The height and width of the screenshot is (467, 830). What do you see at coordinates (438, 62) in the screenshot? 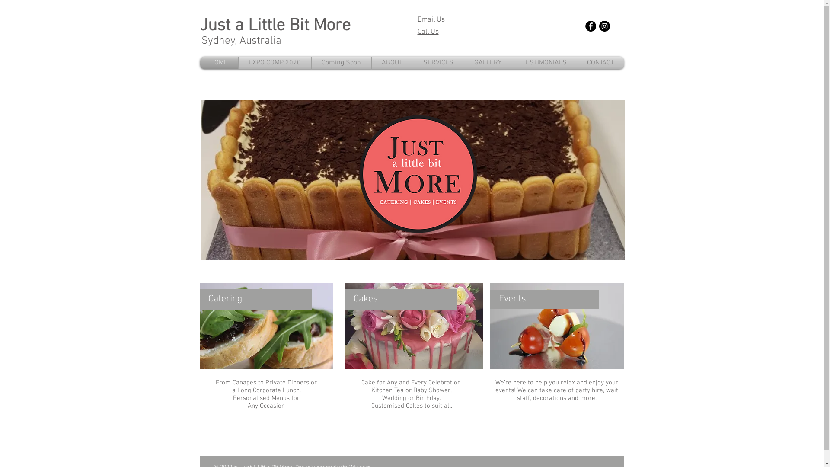
I see `'SERVICES'` at bounding box center [438, 62].